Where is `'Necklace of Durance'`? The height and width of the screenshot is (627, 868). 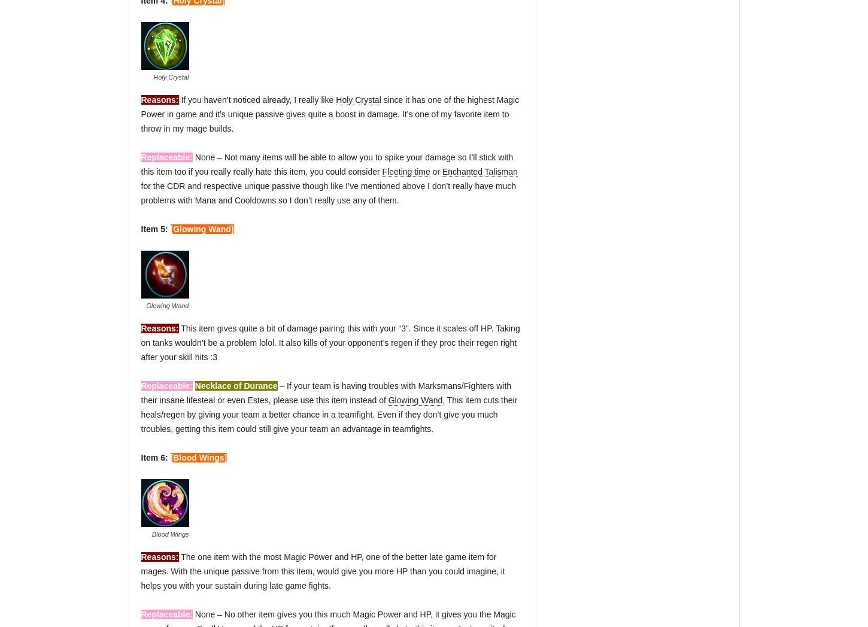
'Necklace of Durance' is located at coordinates (235, 385).